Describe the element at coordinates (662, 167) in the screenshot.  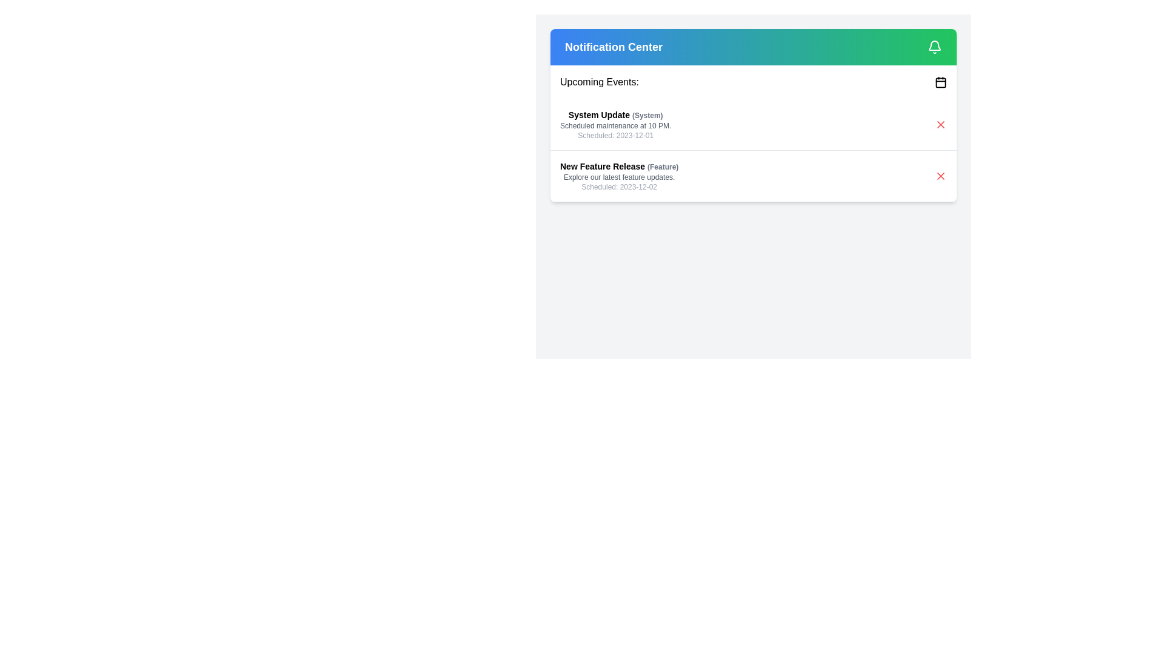
I see `text label located immediately after 'New Feature Release' in the second notification item of the 'Upcoming Events' section in the 'Notification Center' panel` at that location.